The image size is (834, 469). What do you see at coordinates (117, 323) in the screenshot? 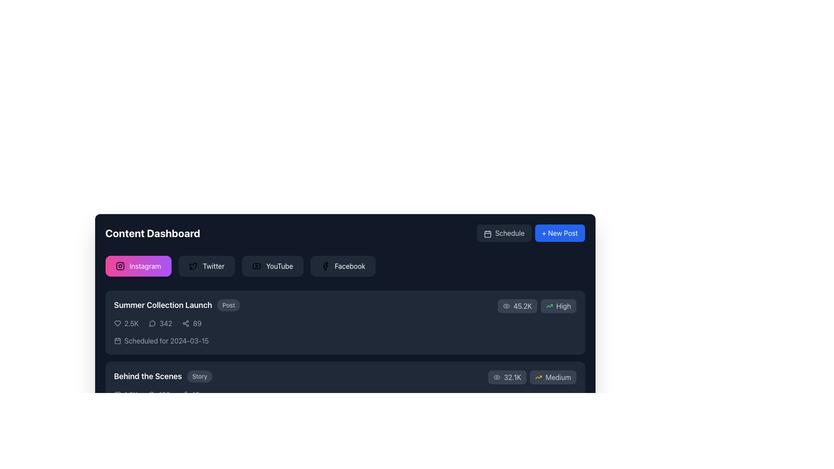
I see `the heart-shaped icon with a grayish tone that represents likes or favorites, located within the 'Summer Collection Launch' section of the 'Content Dashboard', next to the text label '2.5K'` at bounding box center [117, 323].